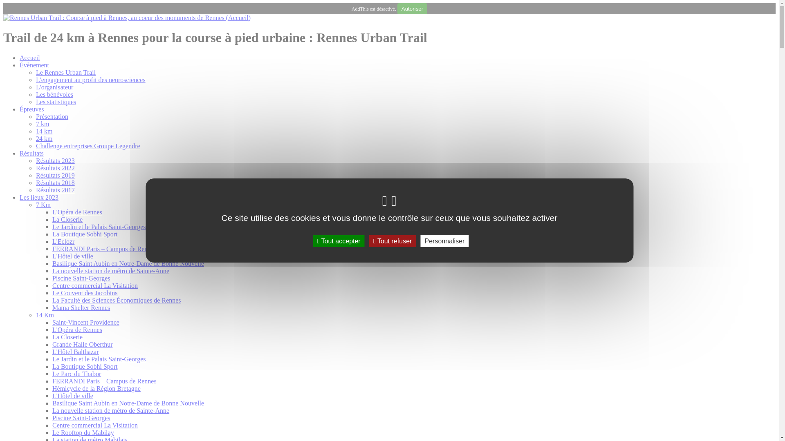 This screenshot has height=441, width=785. What do you see at coordinates (35, 204) in the screenshot?
I see `'7 Km'` at bounding box center [35, 204].